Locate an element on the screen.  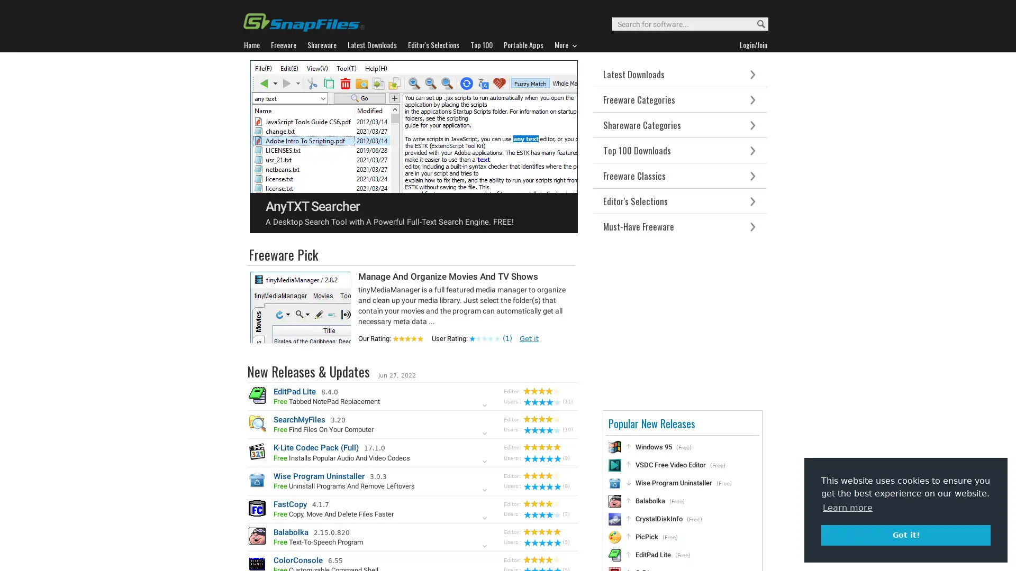
learn more about cookies is located at coordinates (848, 507).